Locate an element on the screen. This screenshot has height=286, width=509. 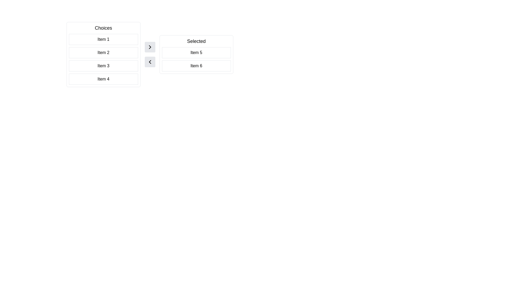
the selectable box containing the text 'Item 5', which is the first item in a vertically stacked list in the 'Selected' section is located at coordinates (196, 53).